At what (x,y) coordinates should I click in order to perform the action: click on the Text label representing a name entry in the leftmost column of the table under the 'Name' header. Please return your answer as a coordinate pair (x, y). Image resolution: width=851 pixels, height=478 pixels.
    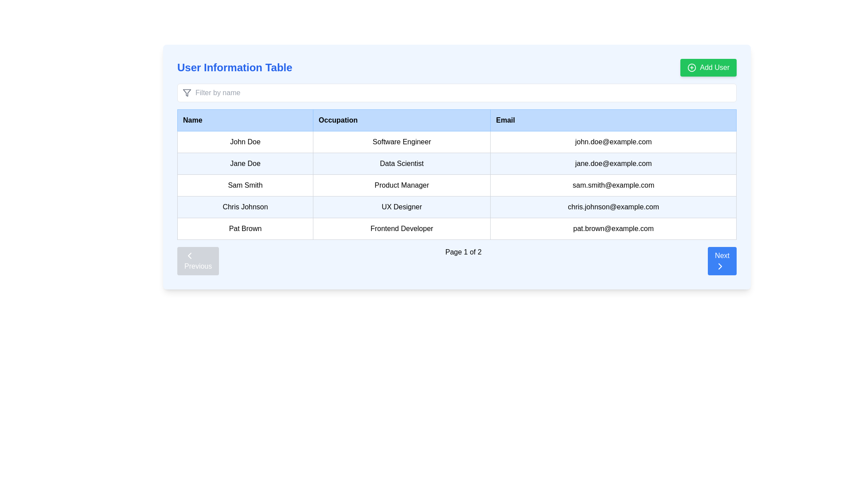
    Looking at the image, I should click on (245, 164).